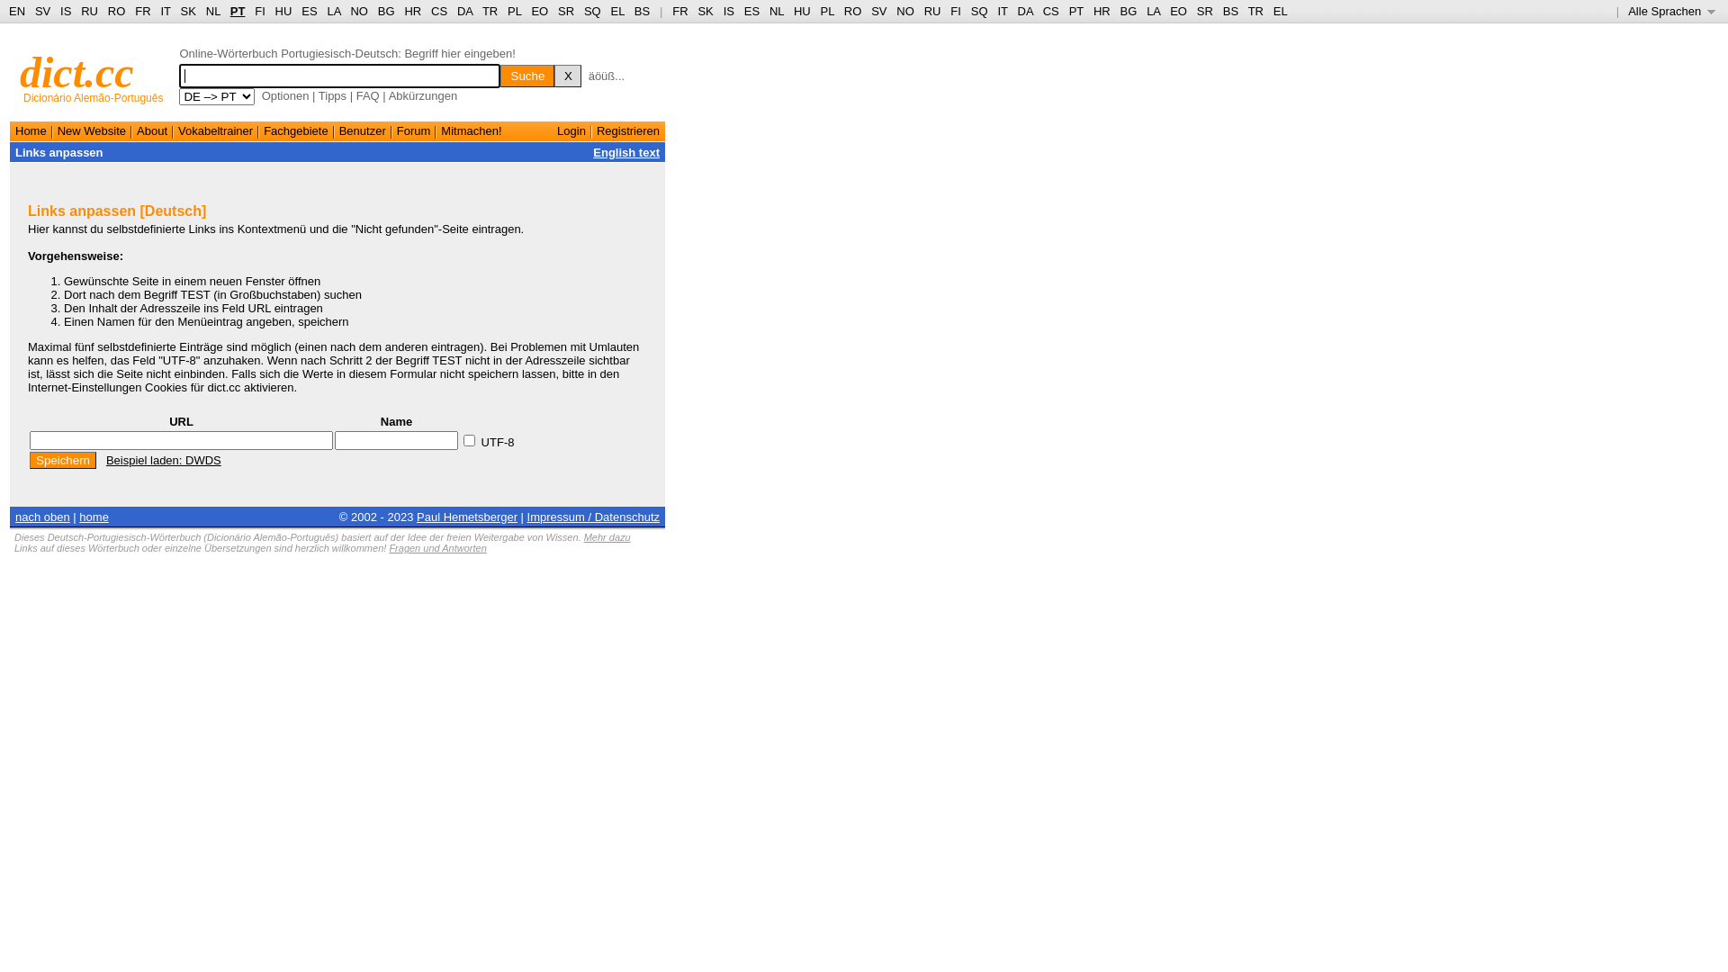 This screenshot has height=972, width=1728. I want to click on 'HR', so click(1101, 11).